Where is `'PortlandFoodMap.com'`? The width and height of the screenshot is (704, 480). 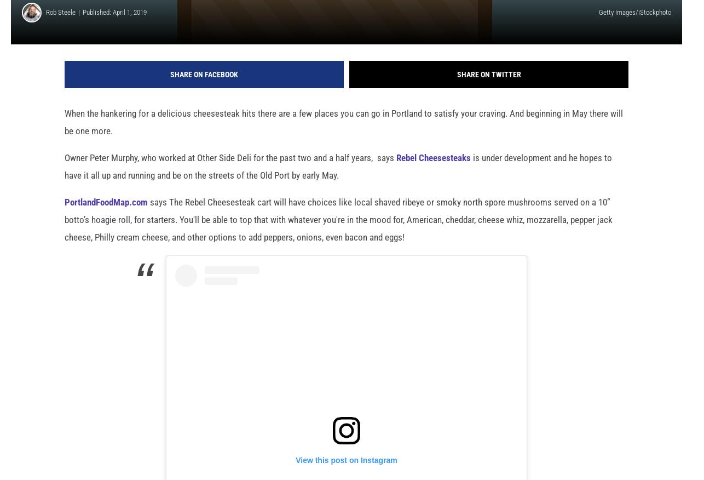
'PortlandFoodMap.com' is located at coordinates (106, 220).